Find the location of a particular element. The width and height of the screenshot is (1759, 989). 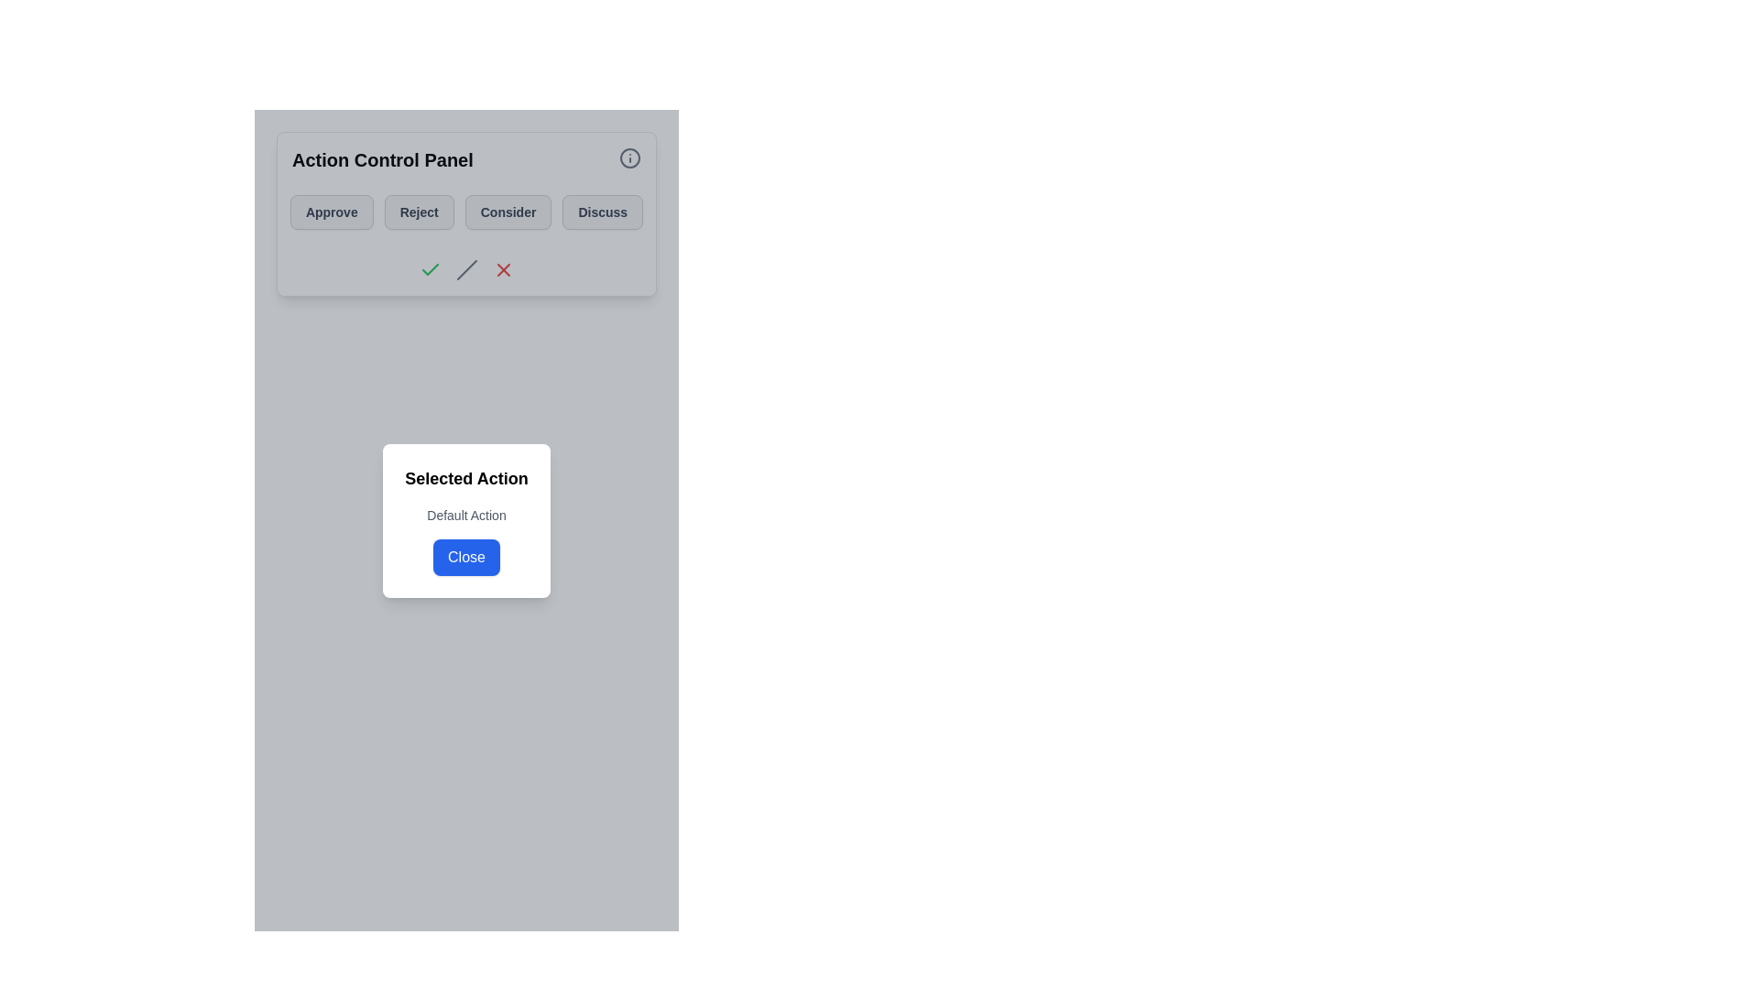

the second icon in the group of three icons within the 'Action Control Panel', which represents a 'disabled' or 'not applicable' function, indicated by its slashing design and gray coloring is located at coordinates (466, 269).